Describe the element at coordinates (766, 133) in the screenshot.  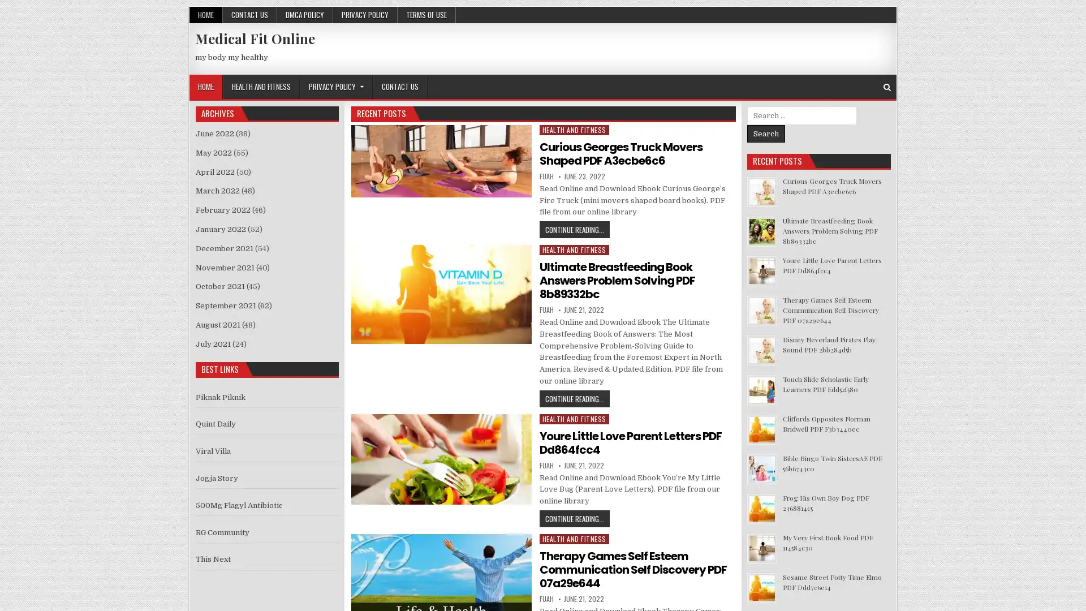
I see `Search` at that location.